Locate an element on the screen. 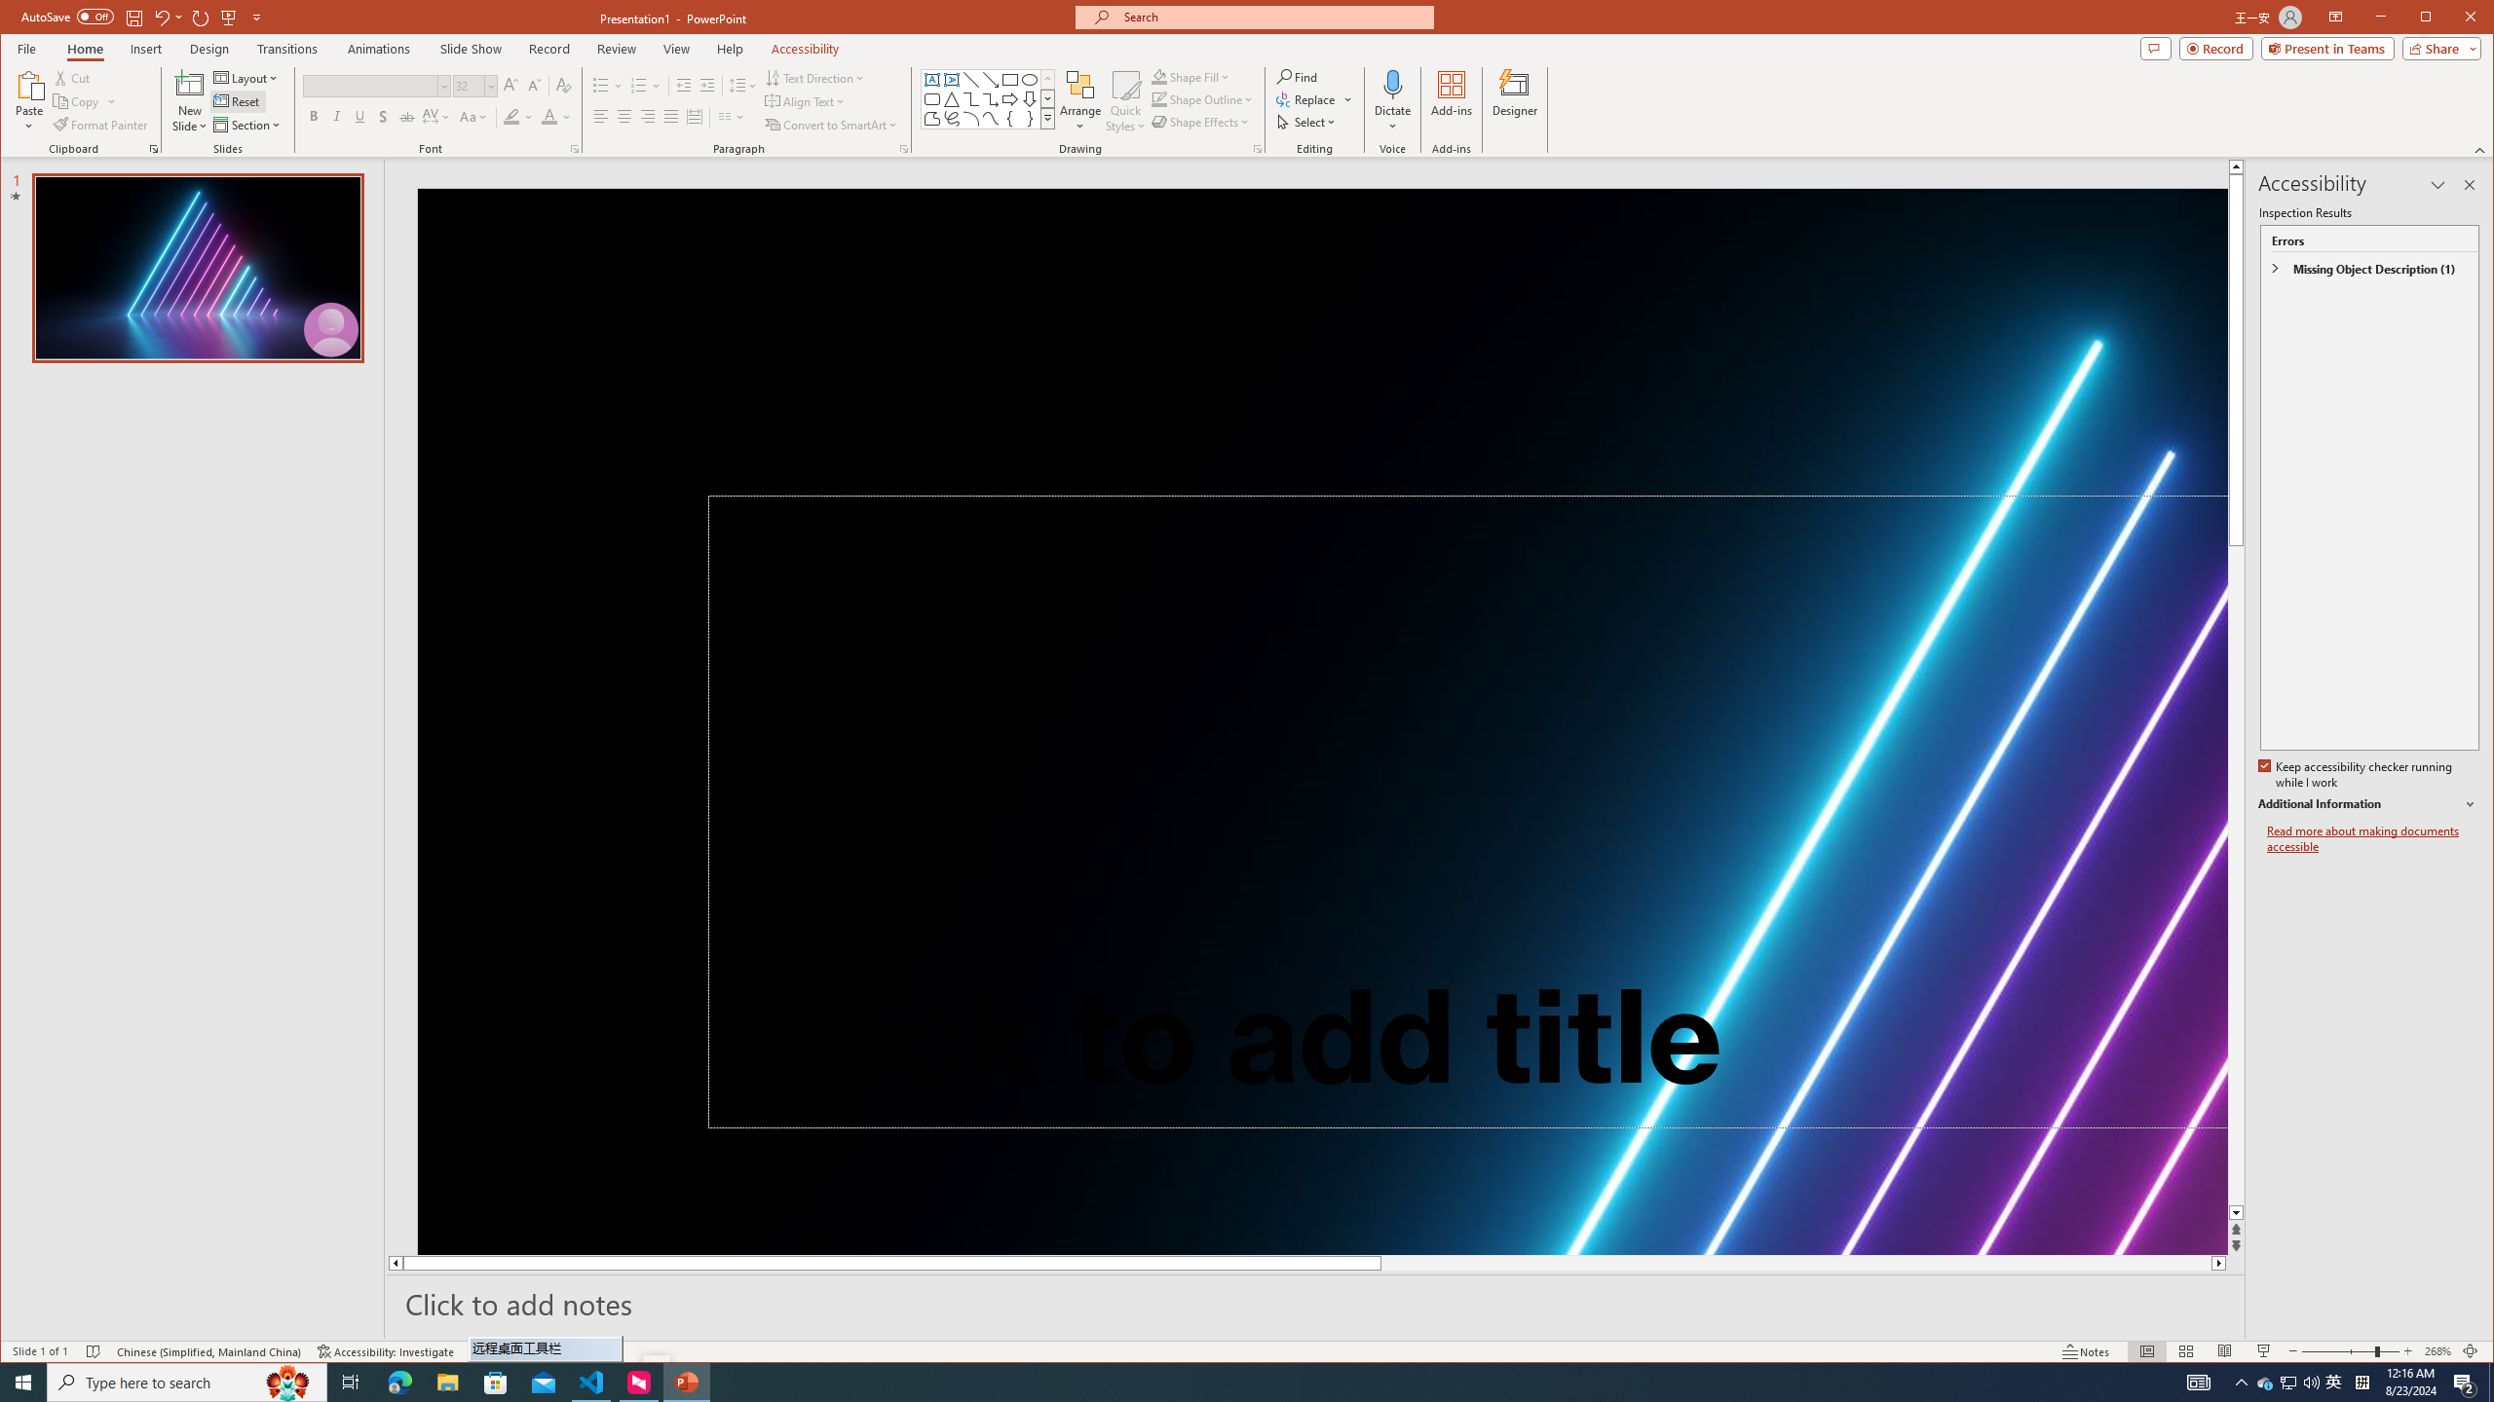 The height and width of the screenshot is (1402, 2494). 'Office Clipboard...' is located at coordinates (154, 149).